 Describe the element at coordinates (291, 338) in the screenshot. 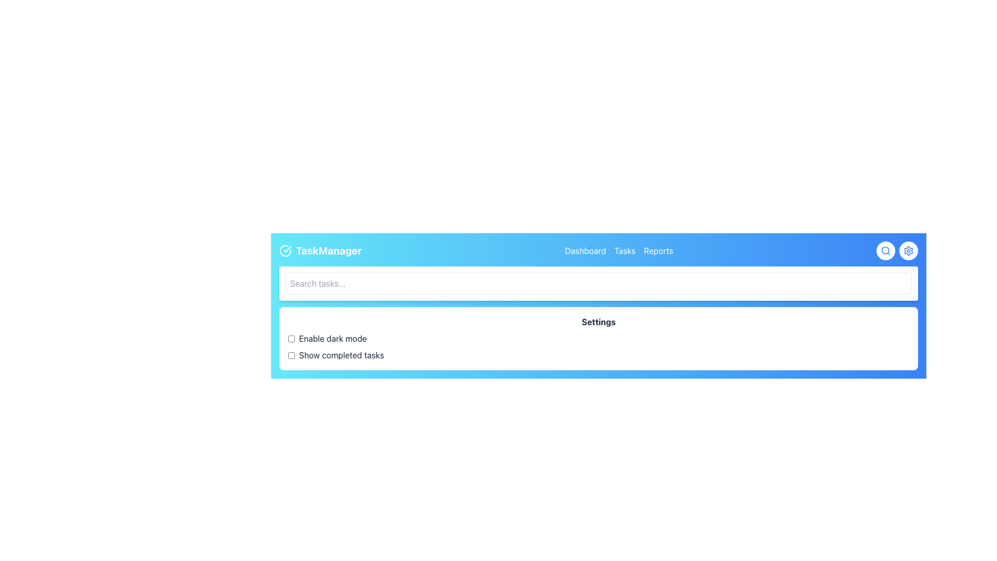

I see `the square checkbox located to the far left of the 'Enable dark mode' text label in the 'Settings' section` at that location.